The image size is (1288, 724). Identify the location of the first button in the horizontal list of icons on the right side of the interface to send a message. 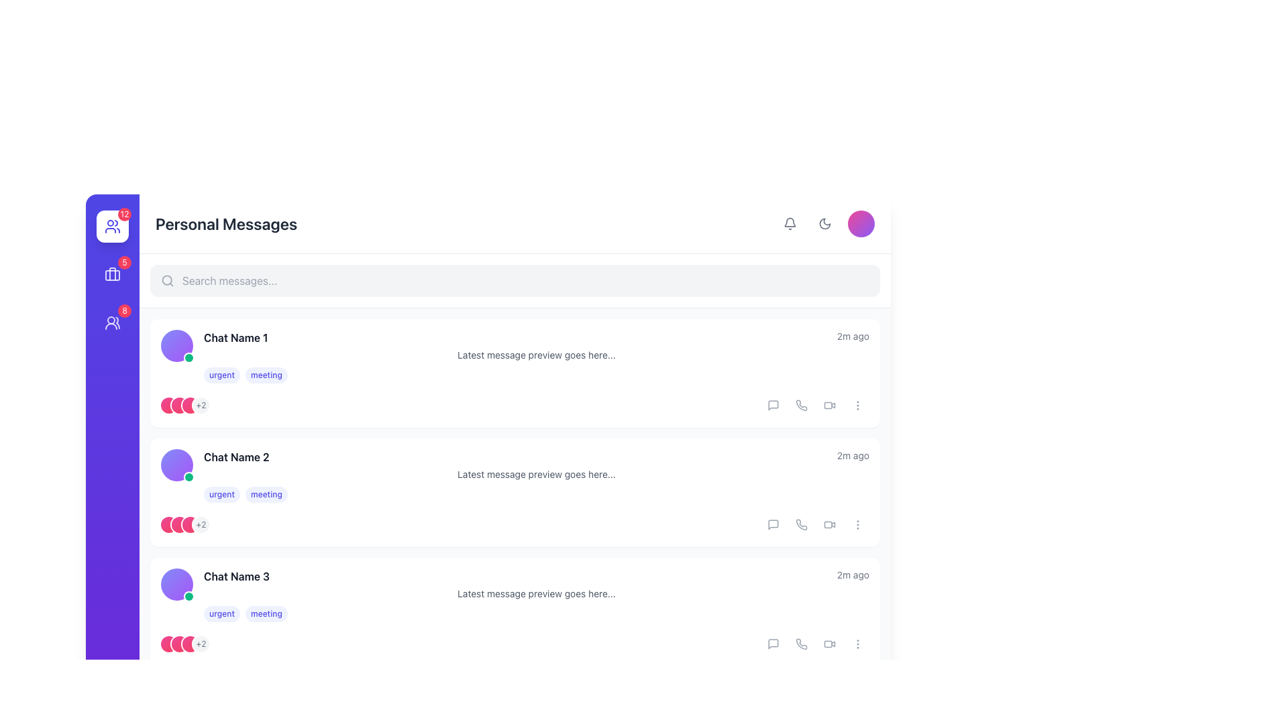
(773, 643).